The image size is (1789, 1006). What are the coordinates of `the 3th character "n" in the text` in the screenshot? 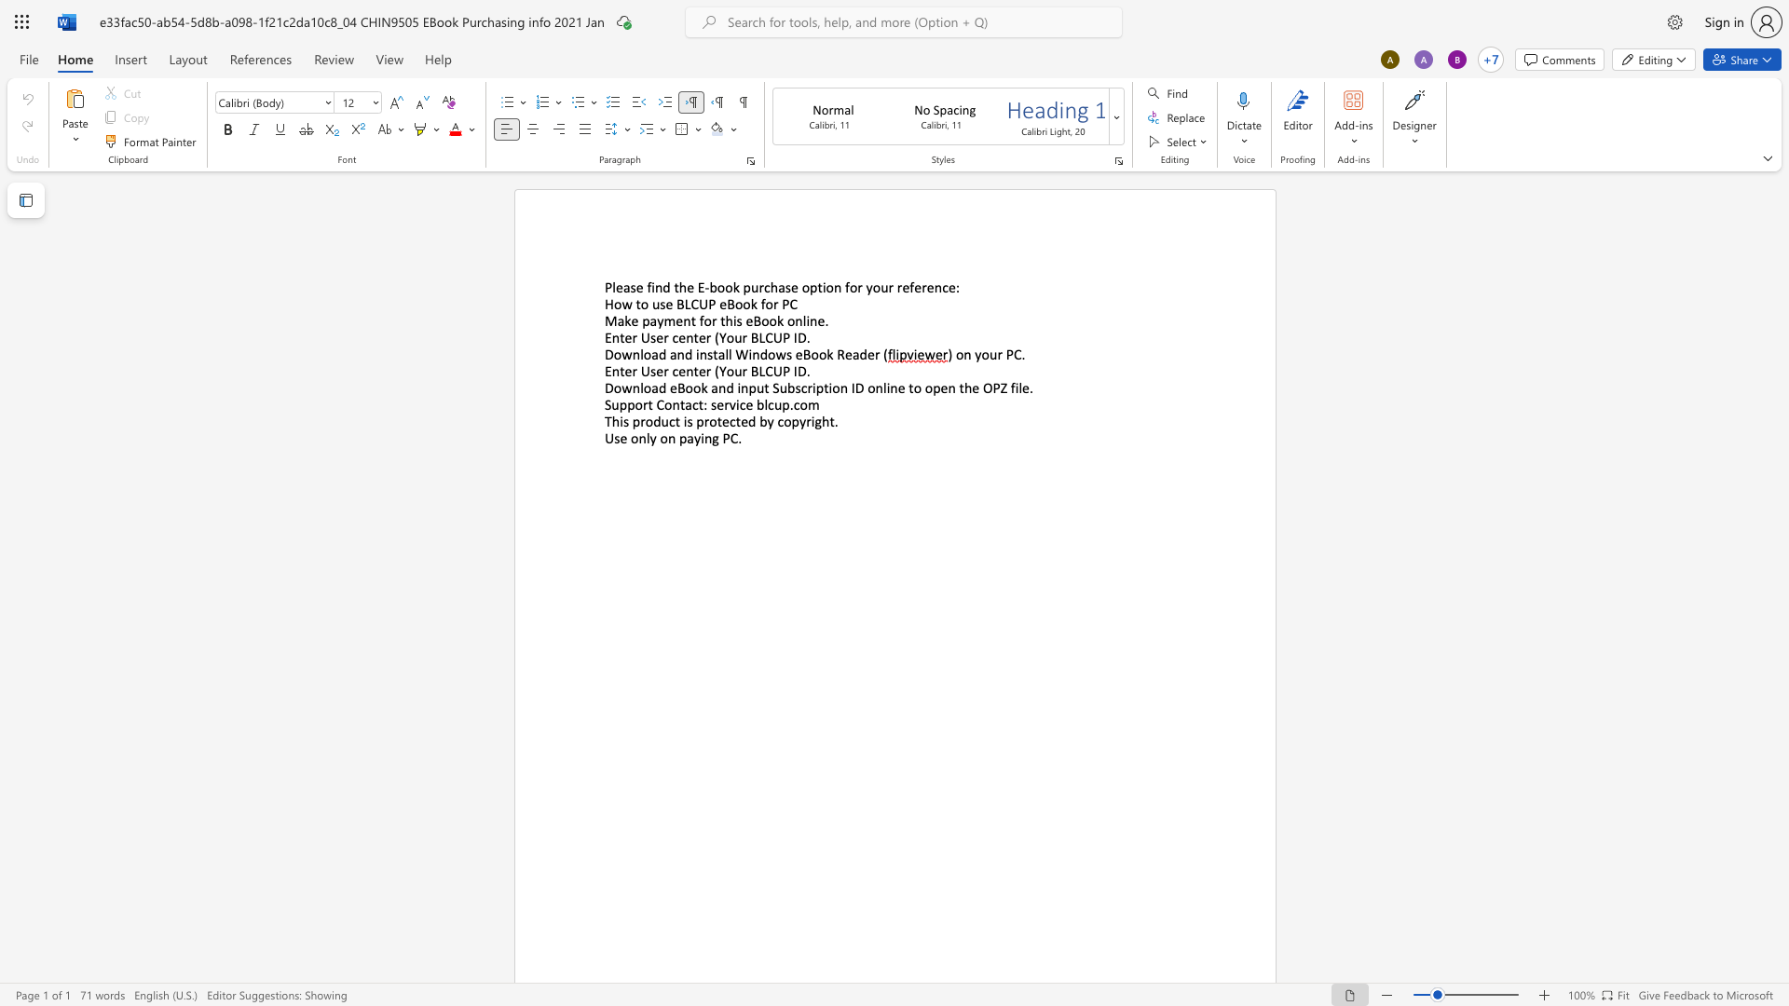 It's located at (813, 319).